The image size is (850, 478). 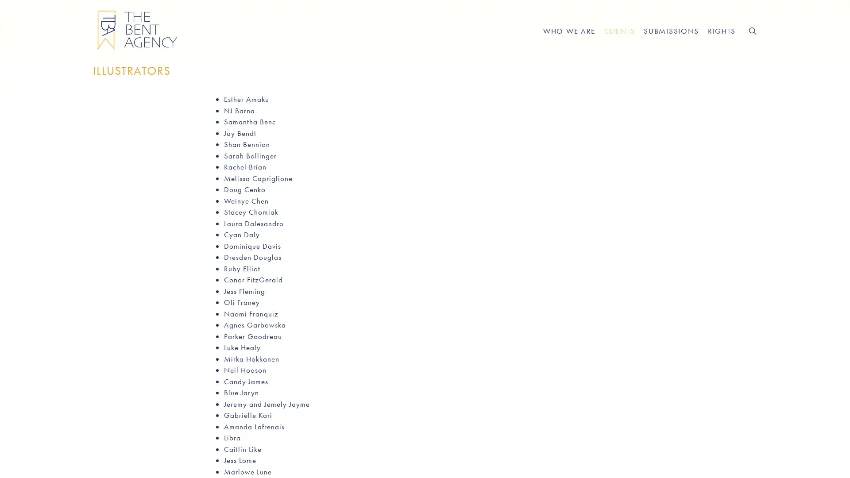 I want to click on Search, so click(x=752, y=30).